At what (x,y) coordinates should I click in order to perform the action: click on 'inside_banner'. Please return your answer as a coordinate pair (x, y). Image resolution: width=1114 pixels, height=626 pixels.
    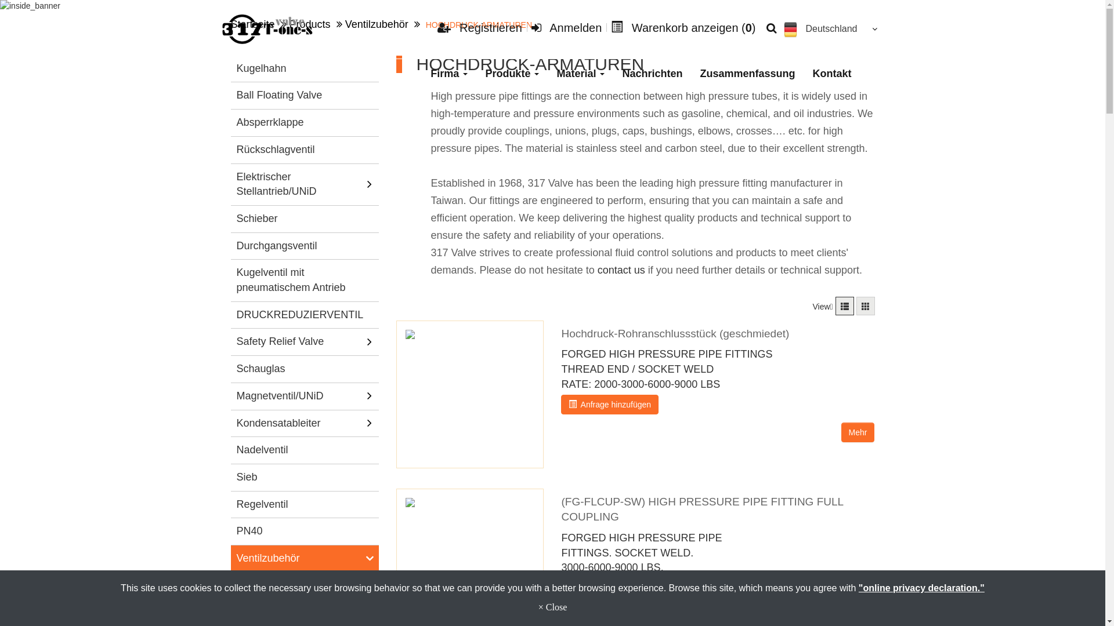
    Looking at the image, I should click on (0, 6).